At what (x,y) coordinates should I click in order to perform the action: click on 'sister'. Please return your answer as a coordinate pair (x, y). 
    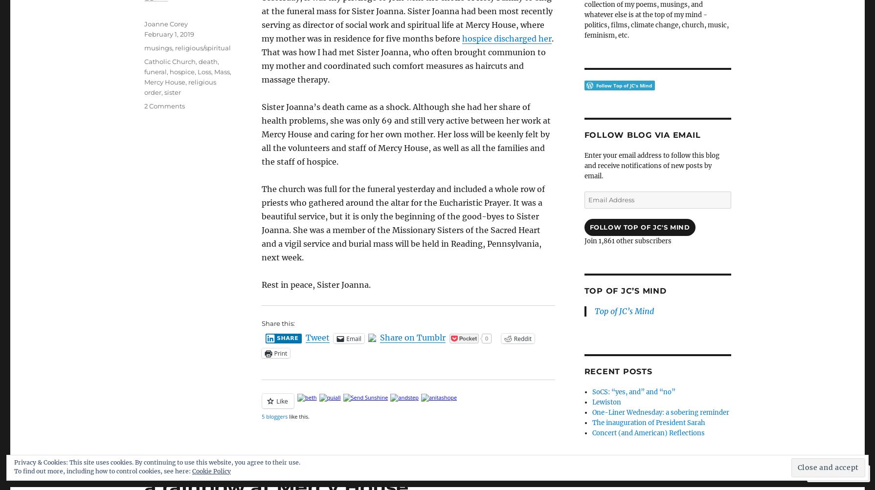
    Looking at the image, I should click on (163, 91).